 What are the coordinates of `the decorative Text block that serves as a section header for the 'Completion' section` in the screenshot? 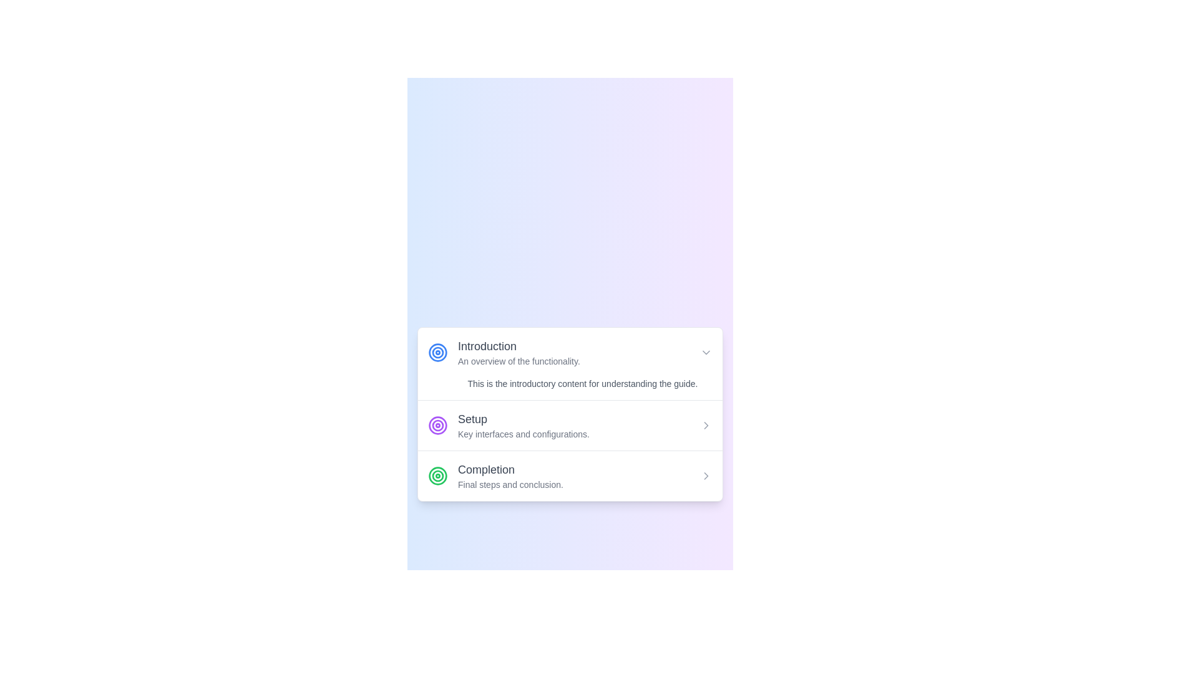 It's located at (510, 475).